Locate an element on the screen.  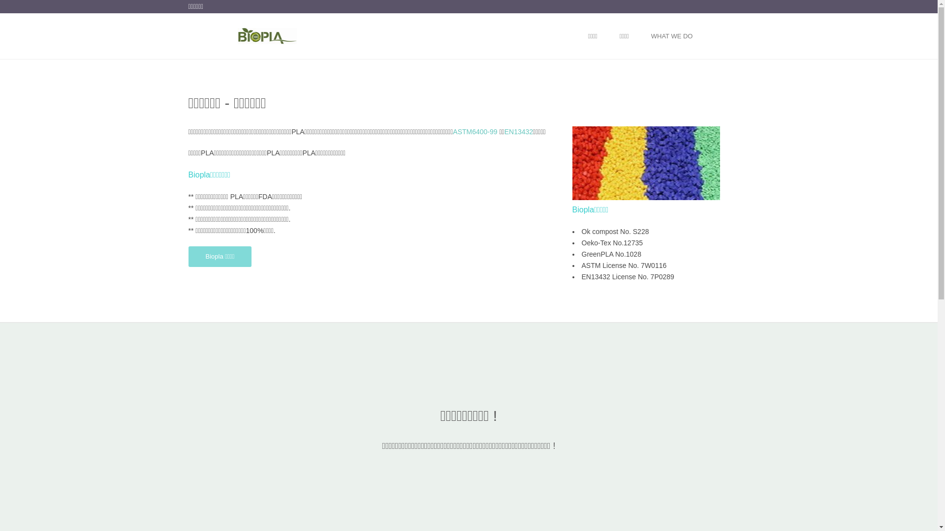
'WHAT WE DO' is located at coordinates (671, 35).